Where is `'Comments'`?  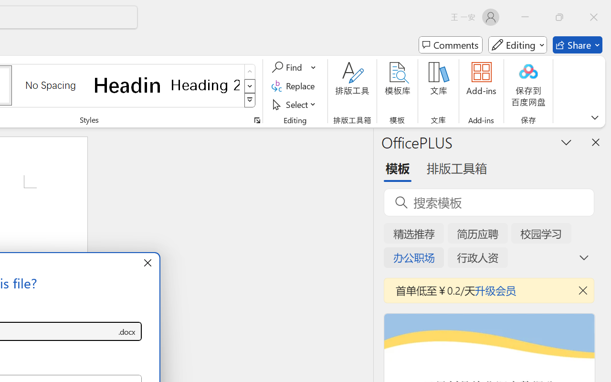 'Comments' is located at coordinates (450, 45).